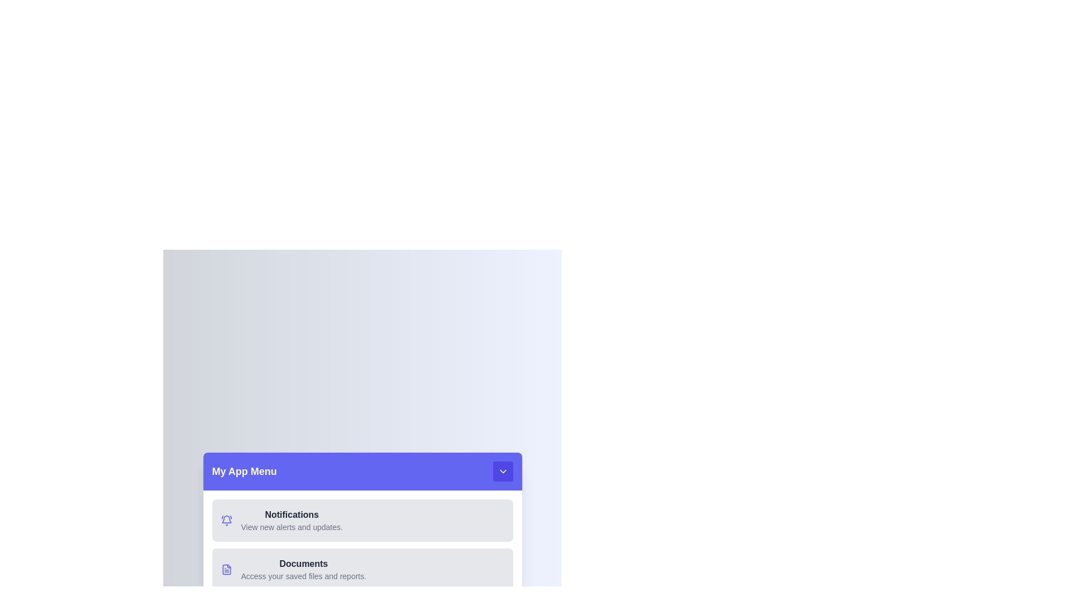 This screenshot has width=1070, height=602. What do you see at coordinates (362, 471) in the screenshot?
I see `the header section of the menu to visually inspect its title` at bounding box center [362, 471].